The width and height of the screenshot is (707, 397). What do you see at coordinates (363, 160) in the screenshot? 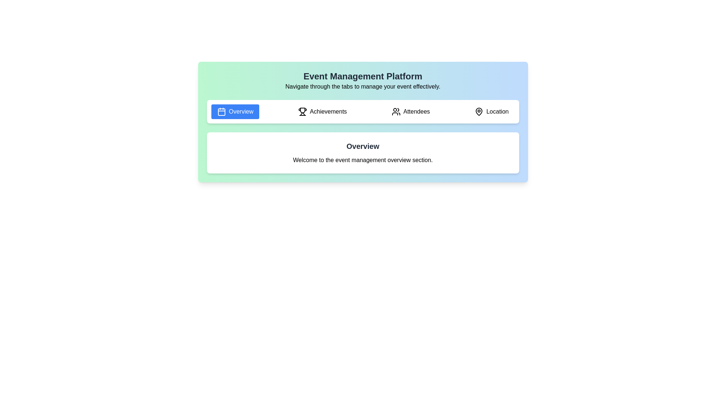
I see `the introductory description label for the 'Overview' section, which is centrally positioned below the 'Overview' heading` at bounding box center [363, 160].